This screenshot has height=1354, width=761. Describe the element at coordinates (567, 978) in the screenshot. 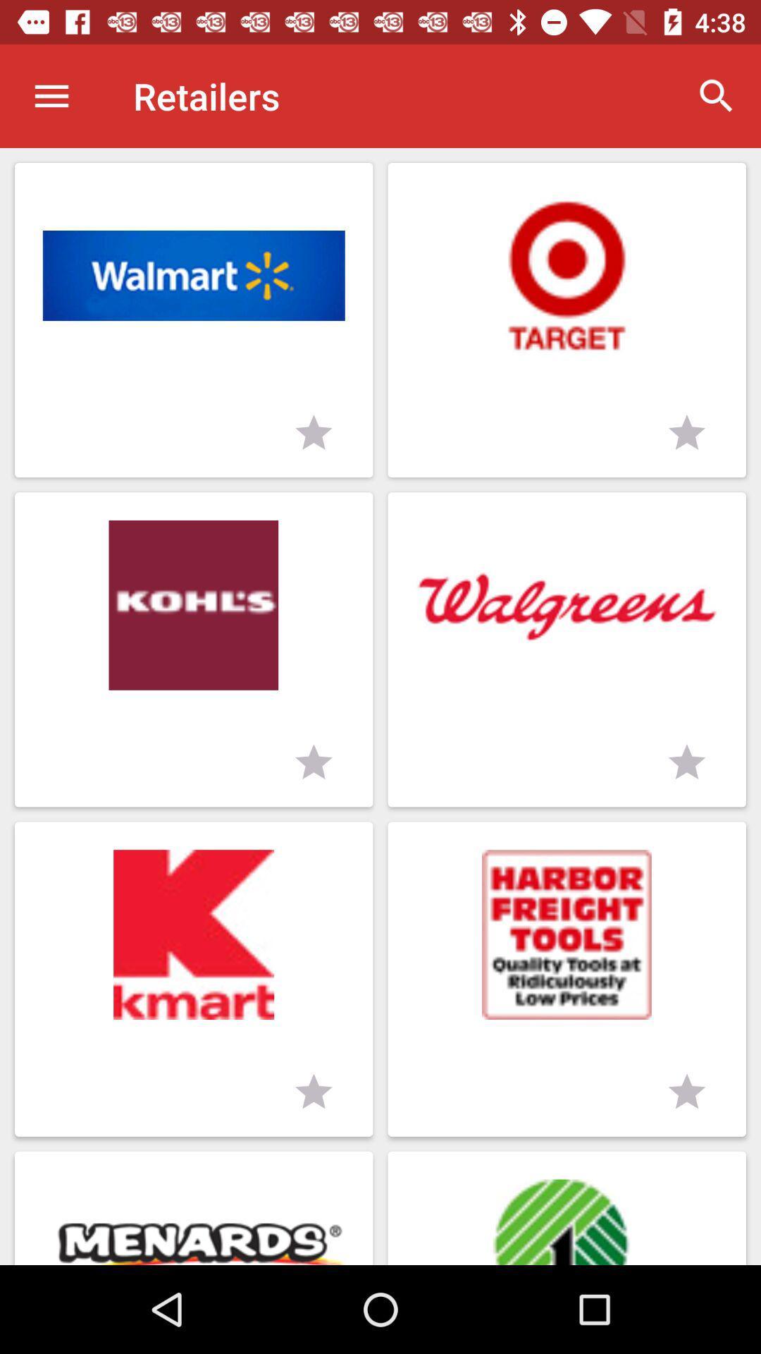

I see `the third row second image` at that location.